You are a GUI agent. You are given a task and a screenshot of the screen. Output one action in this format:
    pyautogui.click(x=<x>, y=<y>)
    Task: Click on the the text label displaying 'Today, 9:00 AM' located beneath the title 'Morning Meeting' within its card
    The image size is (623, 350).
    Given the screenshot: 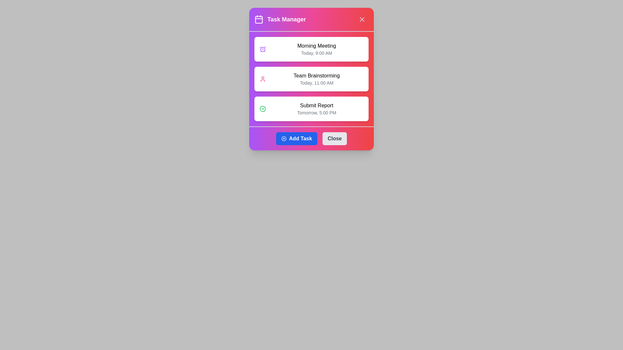 What is the action you would take?
    pyautogui.click(x=316, y=53)
    